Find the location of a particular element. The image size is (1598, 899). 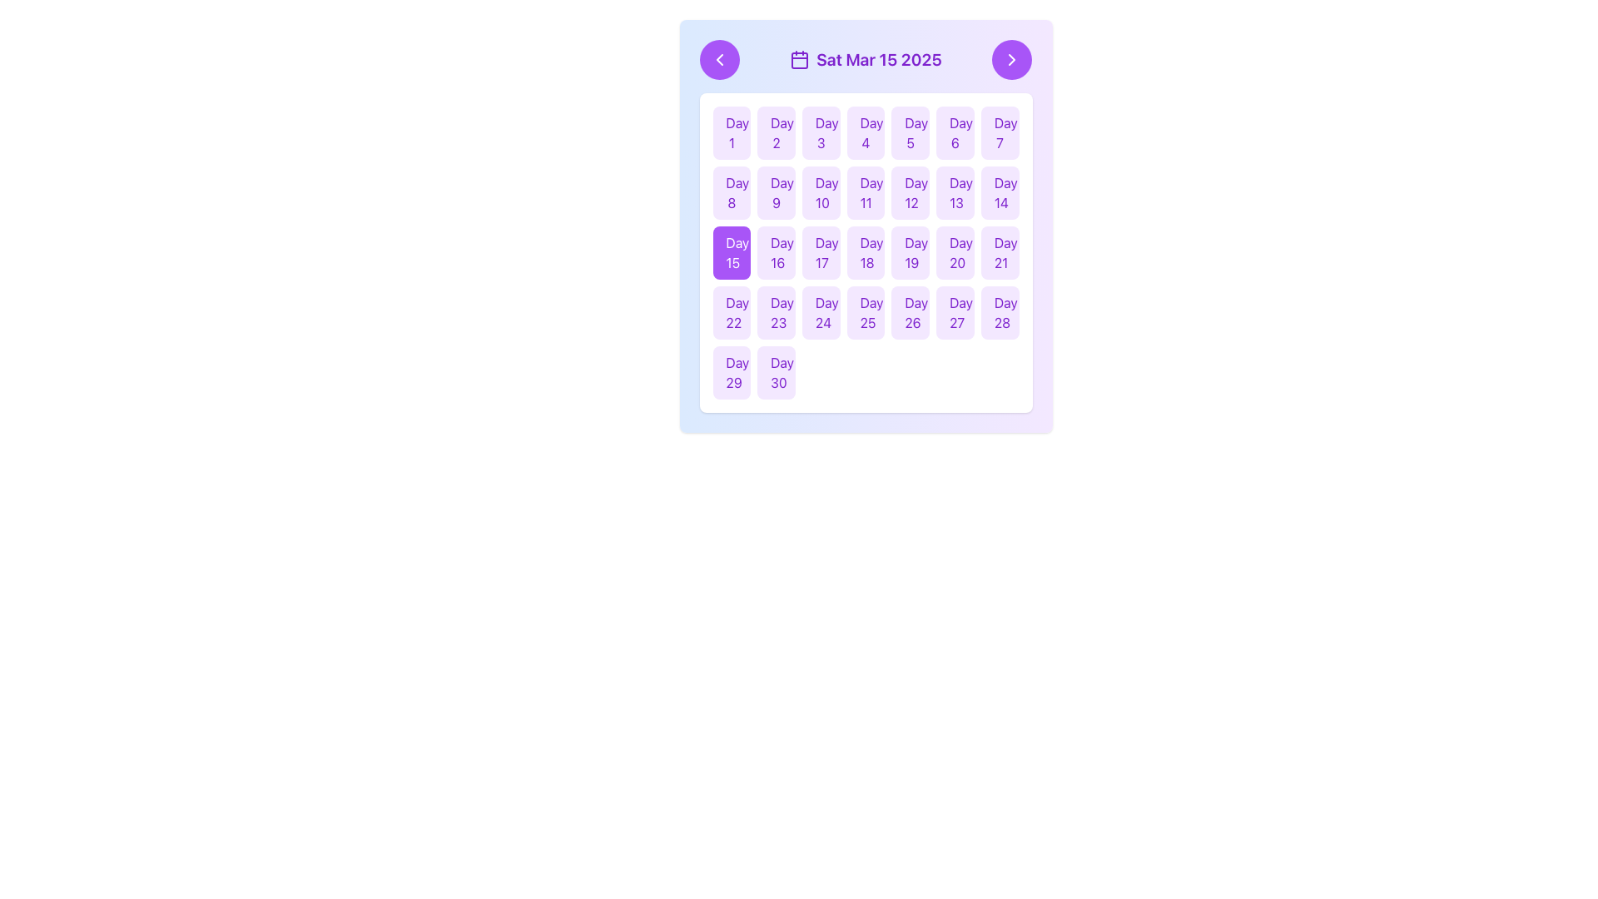

the date display text label with icon located at the top section of the calendar interface, positioned between the left and right navigation buttons is located at coordinates (866, 59).